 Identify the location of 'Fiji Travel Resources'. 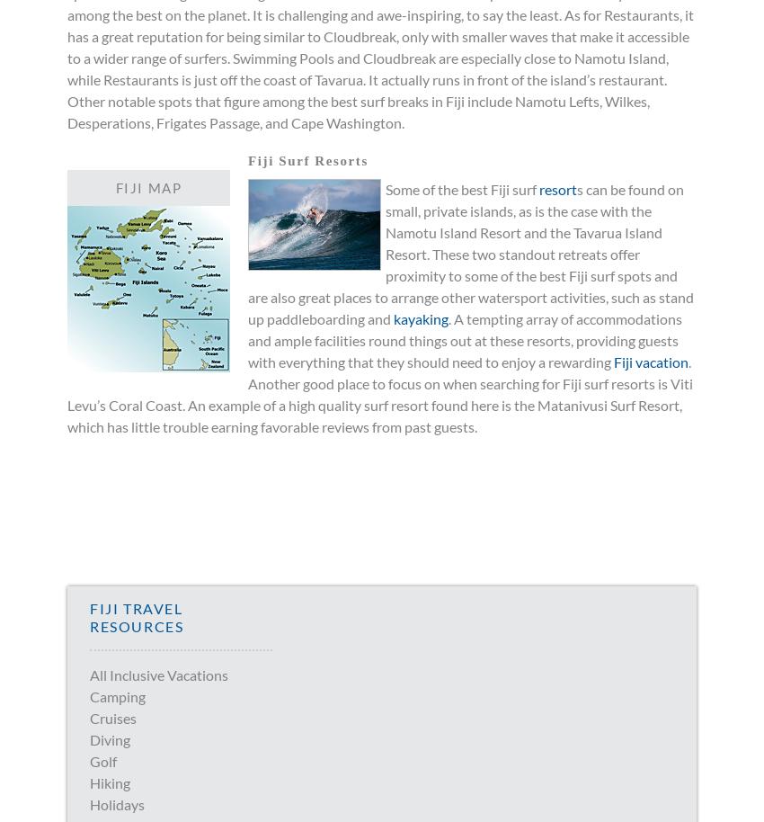
(136, 617).